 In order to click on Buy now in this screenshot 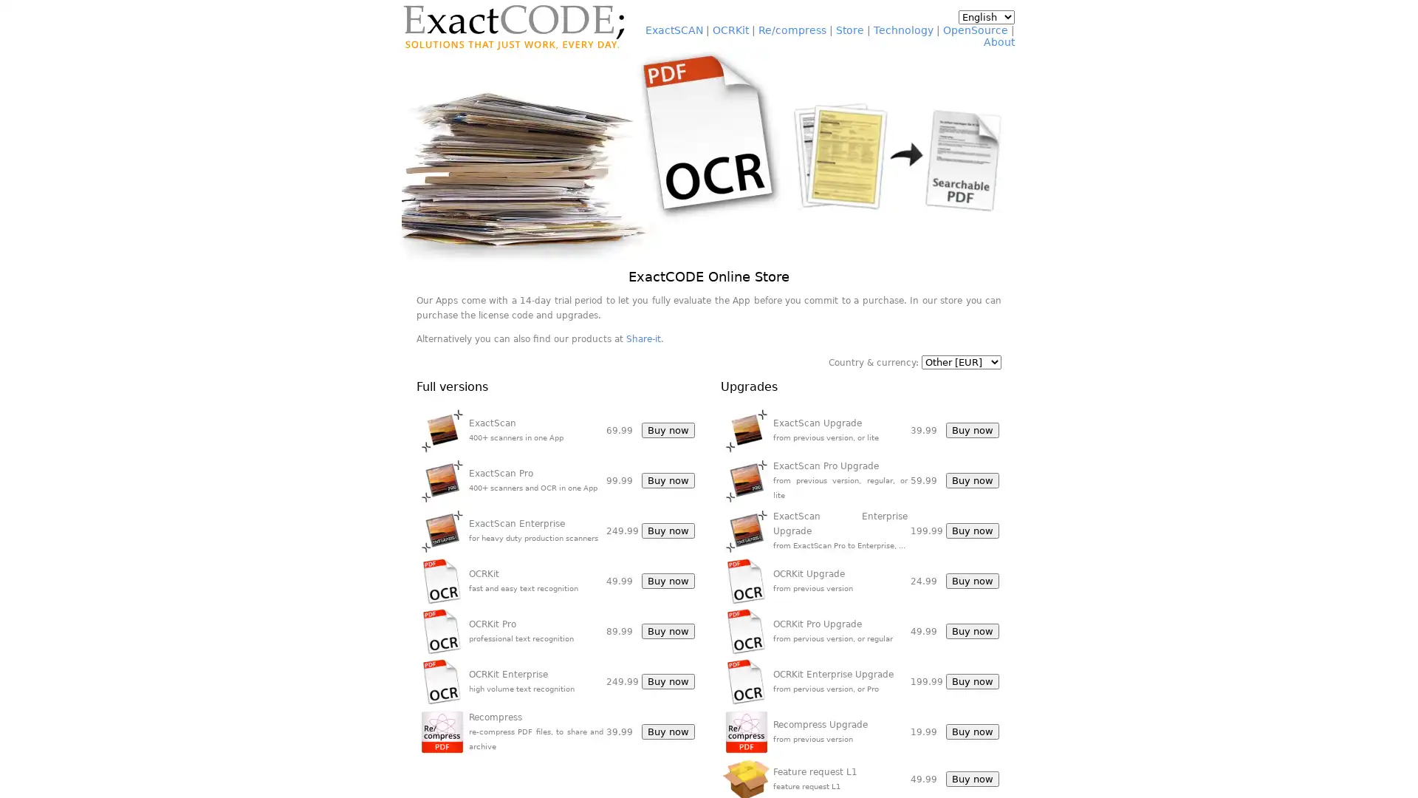, I will do `click(971, 778)`.